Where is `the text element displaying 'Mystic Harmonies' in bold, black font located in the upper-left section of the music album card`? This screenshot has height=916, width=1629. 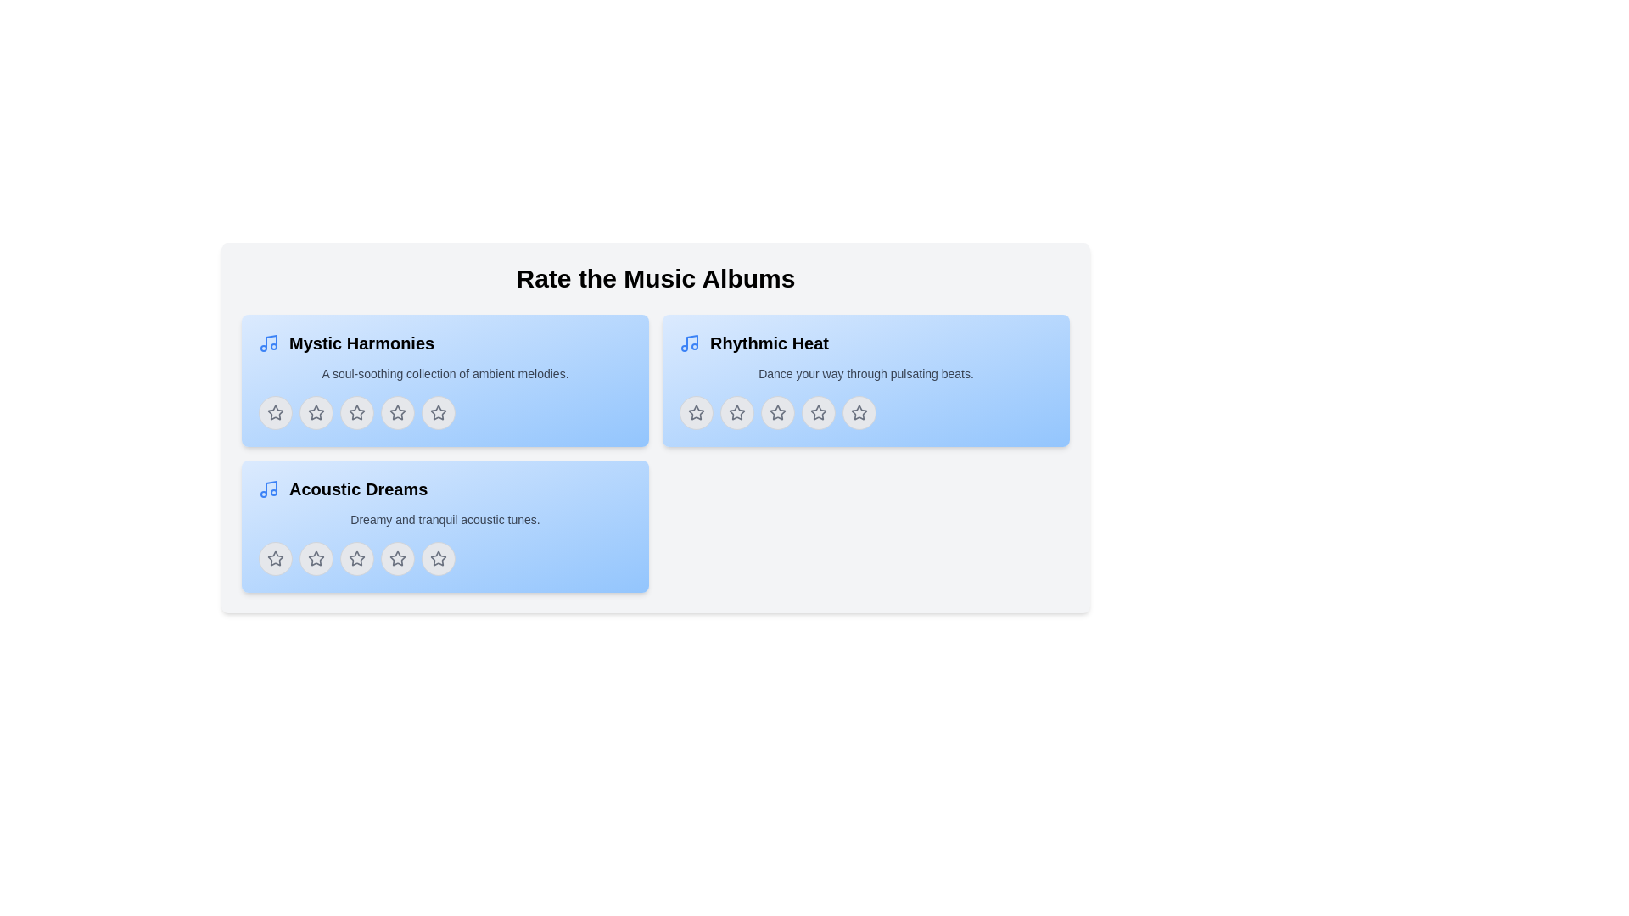
the text element displaying 'Mystic Harmonies' in bold, black font located in the upper-left section of the music album card is located at coordinates (361, 343).